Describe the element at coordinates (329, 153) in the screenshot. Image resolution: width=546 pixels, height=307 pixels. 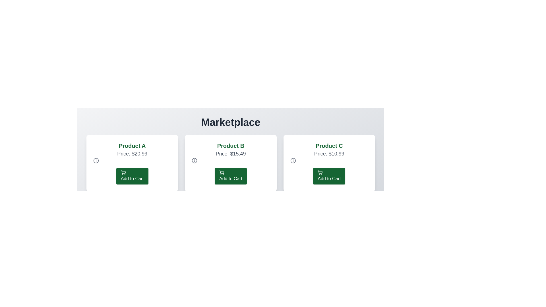
I see `price information displayed in the text element located below the title 'Product C' in the middle-right section of the product layout` at that location.